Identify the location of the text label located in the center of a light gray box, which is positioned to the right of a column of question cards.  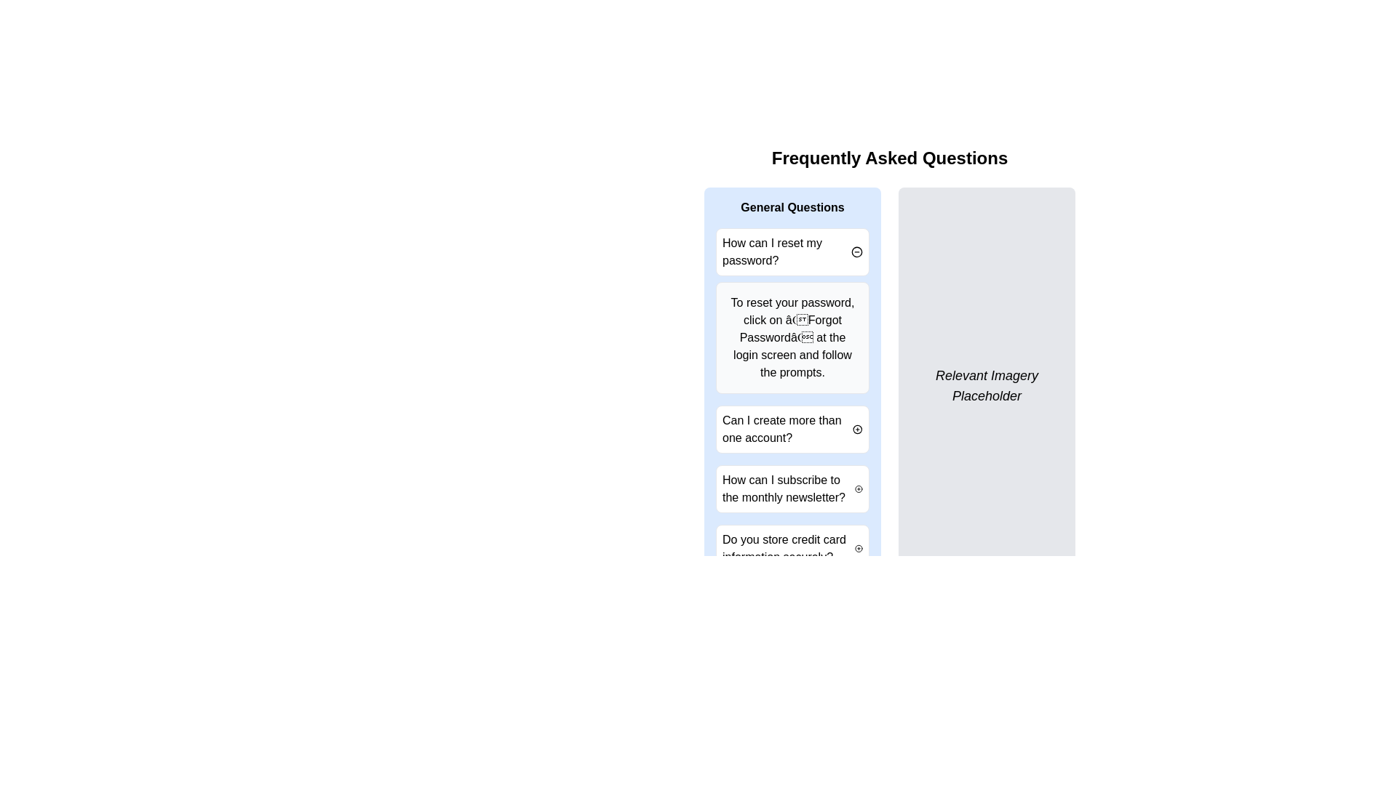
(987, 385).